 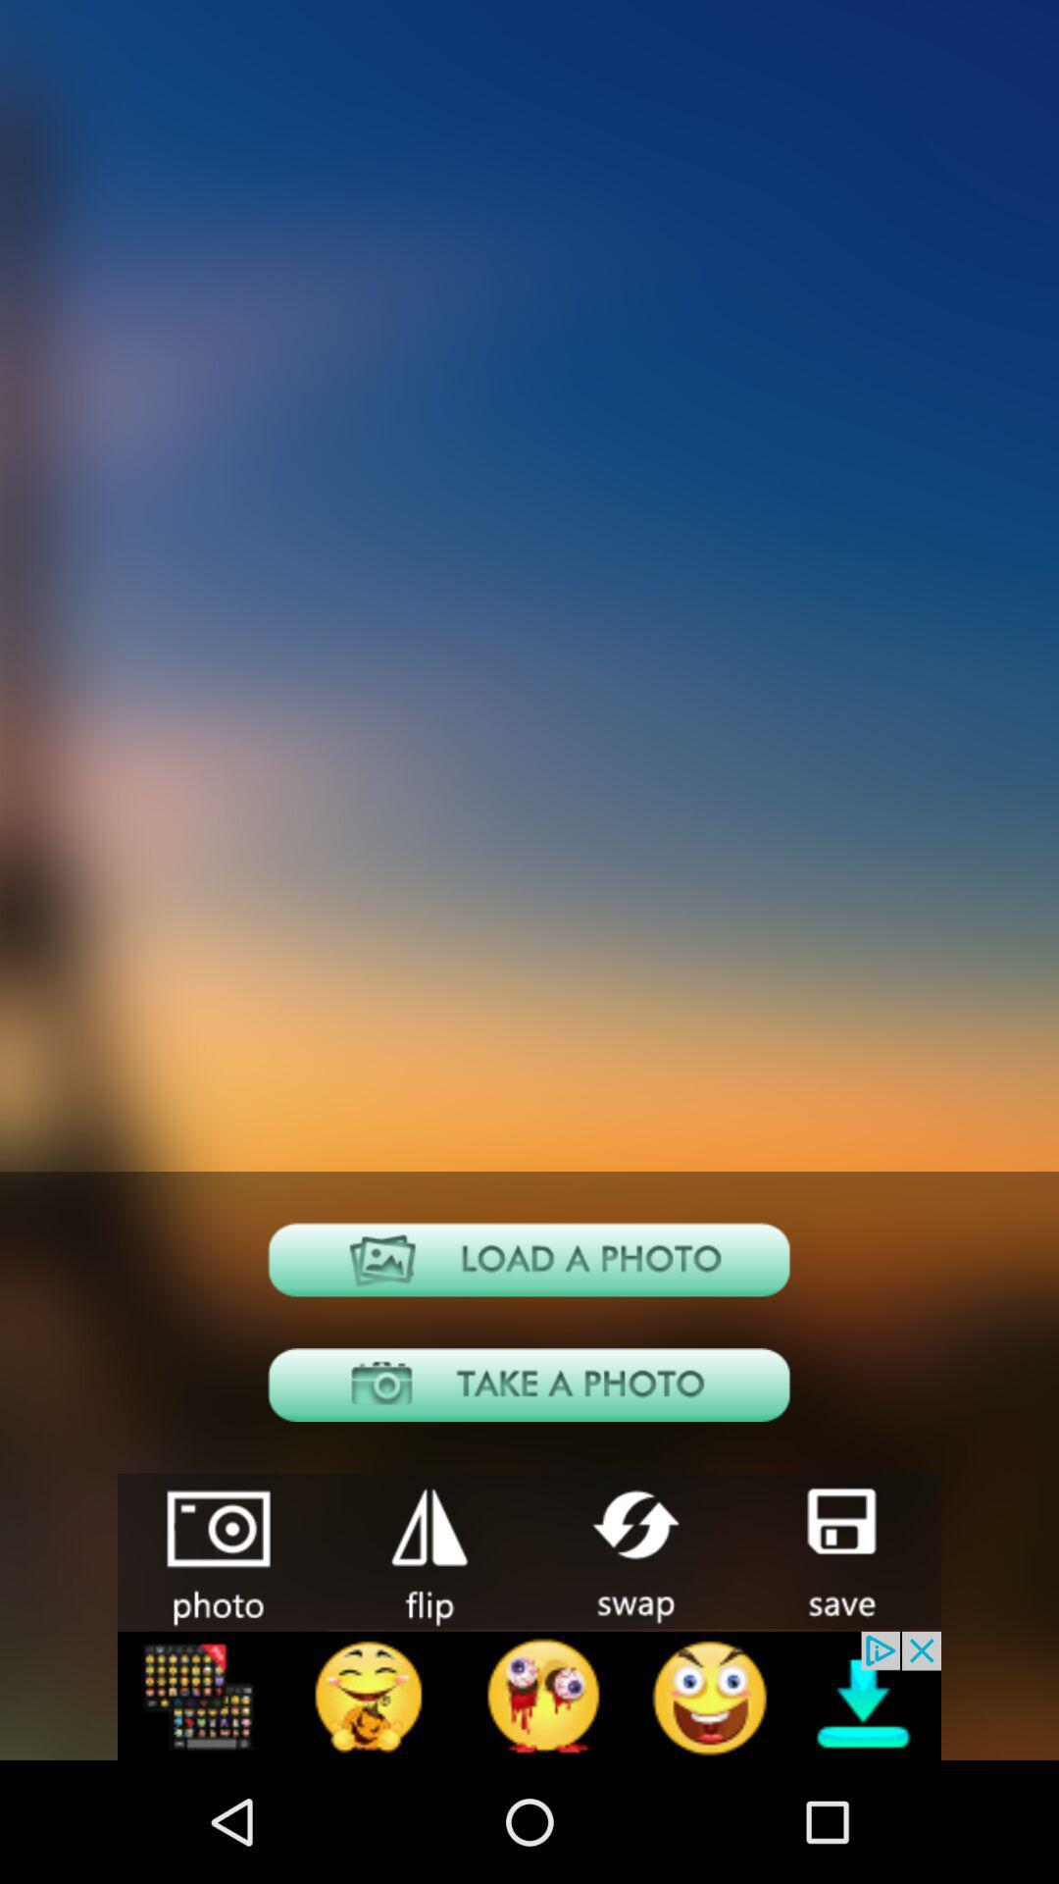 I want to click on load a photo, so click(x=529, y=1259).